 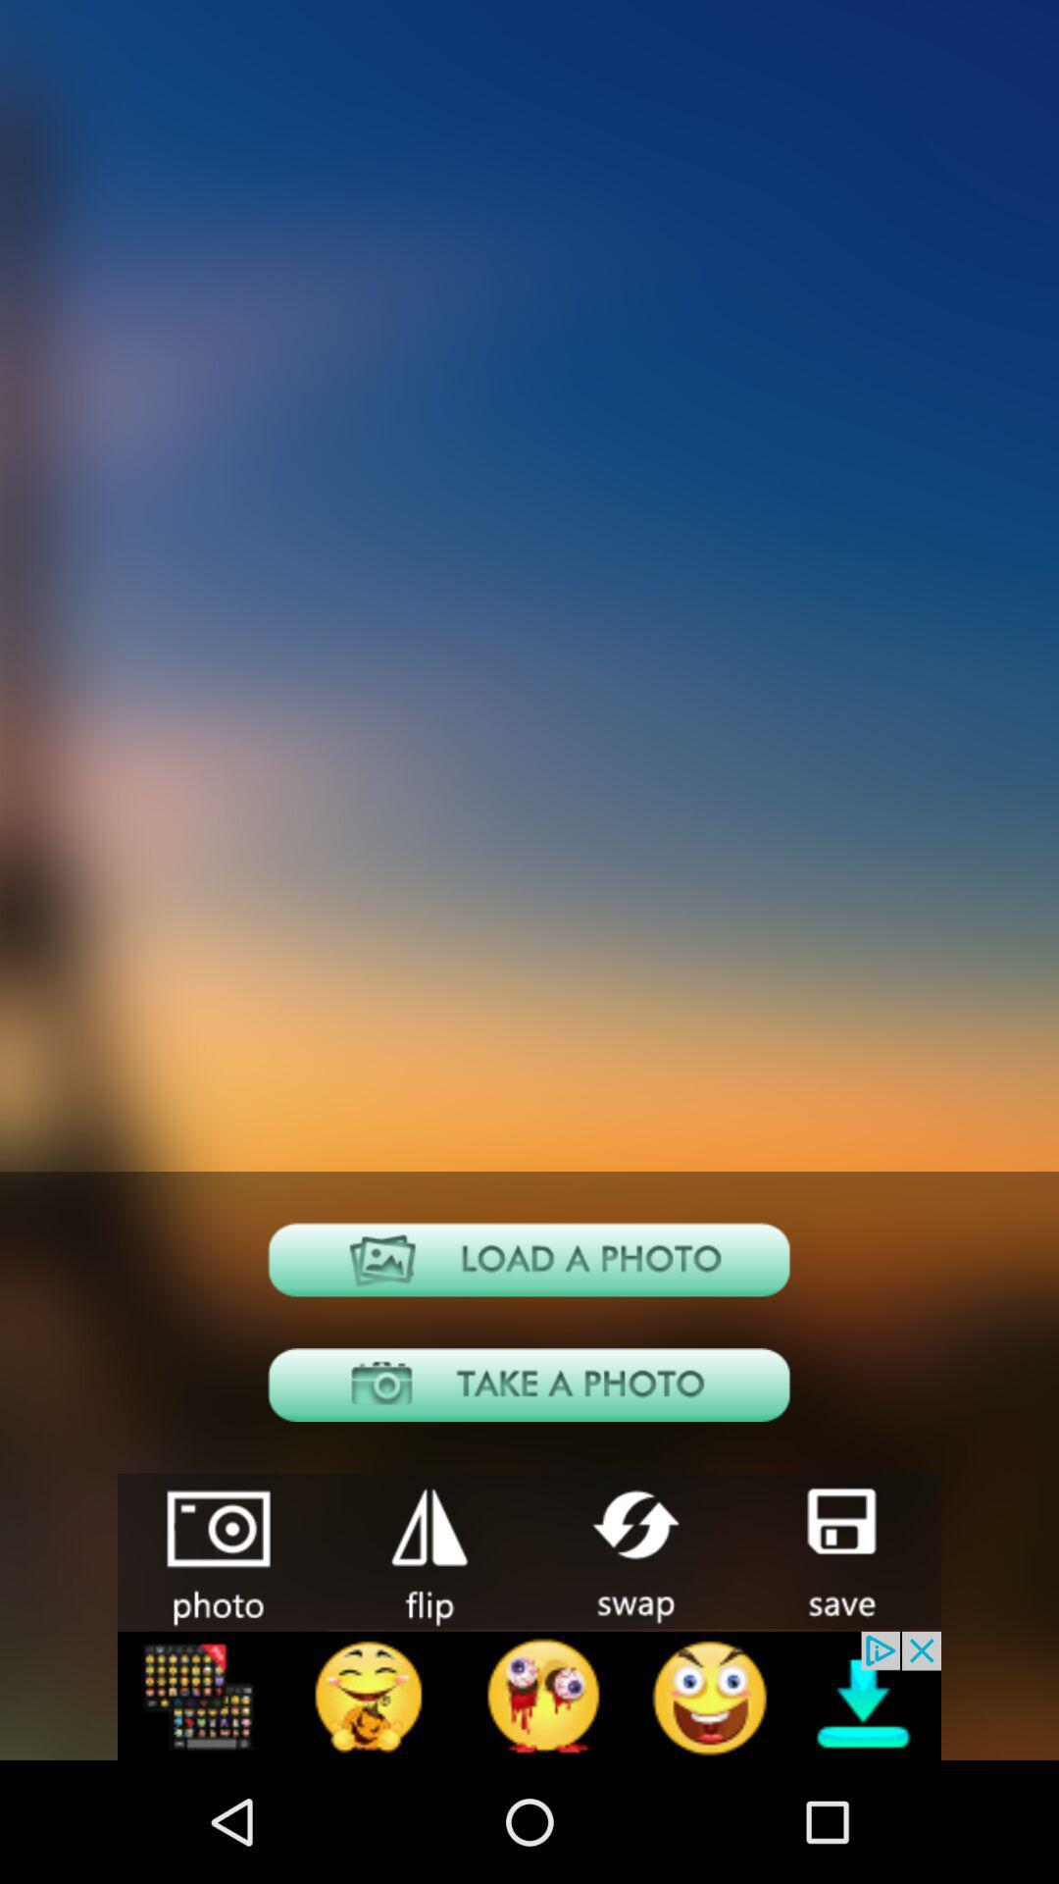 I want to click on load a photo, so click(x=529, y=1259).